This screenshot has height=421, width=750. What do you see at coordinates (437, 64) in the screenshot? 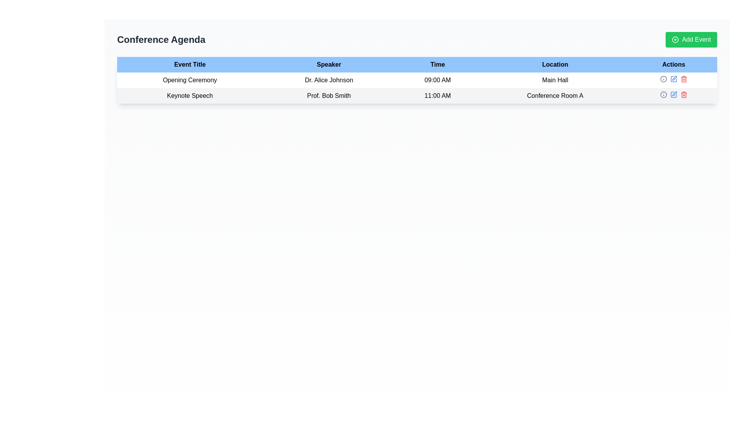
I see `the third column header text label indicating time-specific information in the table, positioned between the 'Speaker' and 'Location' headers` at bounding box center [437, 64].